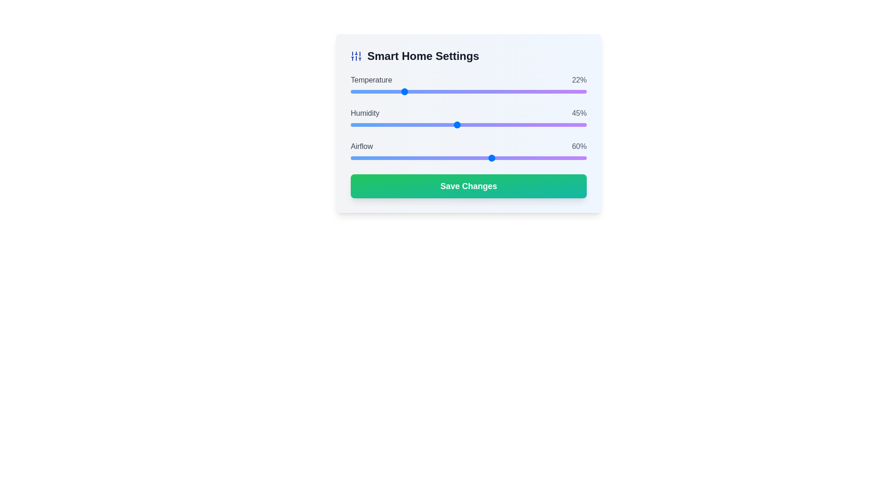 Image resolution: width=885 pixels, height=498 pixels. I want to click on the humidity level, so click(381, 122).